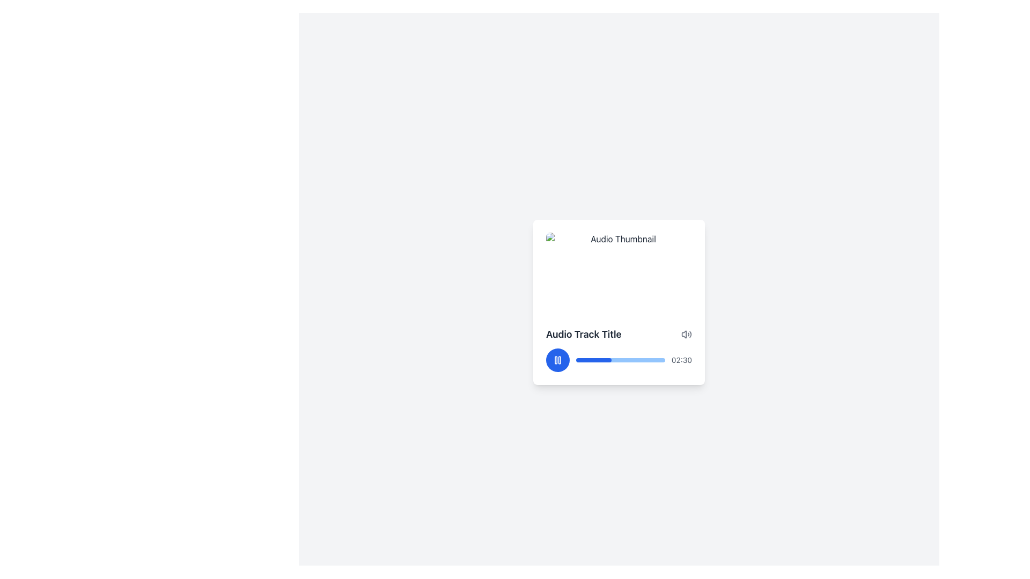 This screenshot has height=579, width=1030. Describe the element at coordinates (626, 360) in the screenshot. I see `audio track progress` at that location.